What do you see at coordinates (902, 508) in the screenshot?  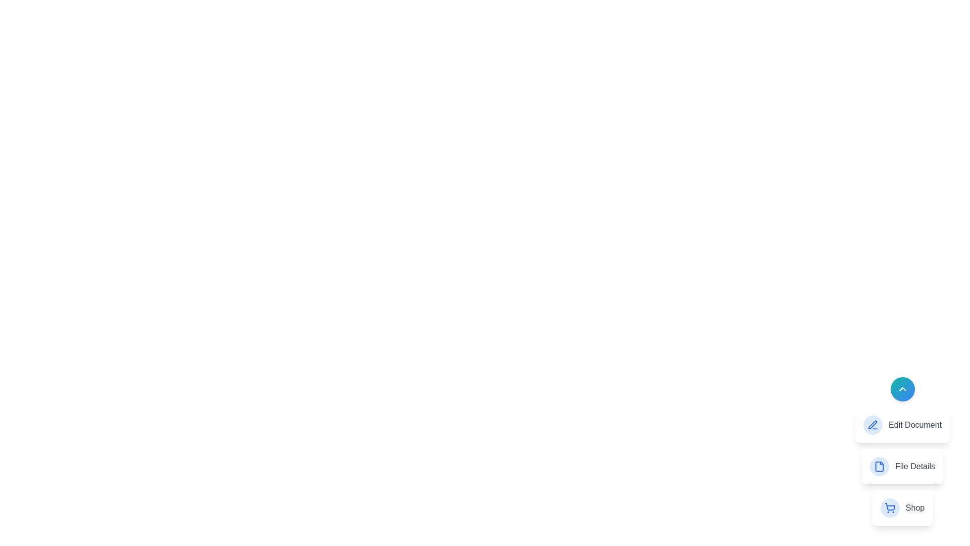 I see `the Shop in the speed dial menu` at bounding box center [902, 508].